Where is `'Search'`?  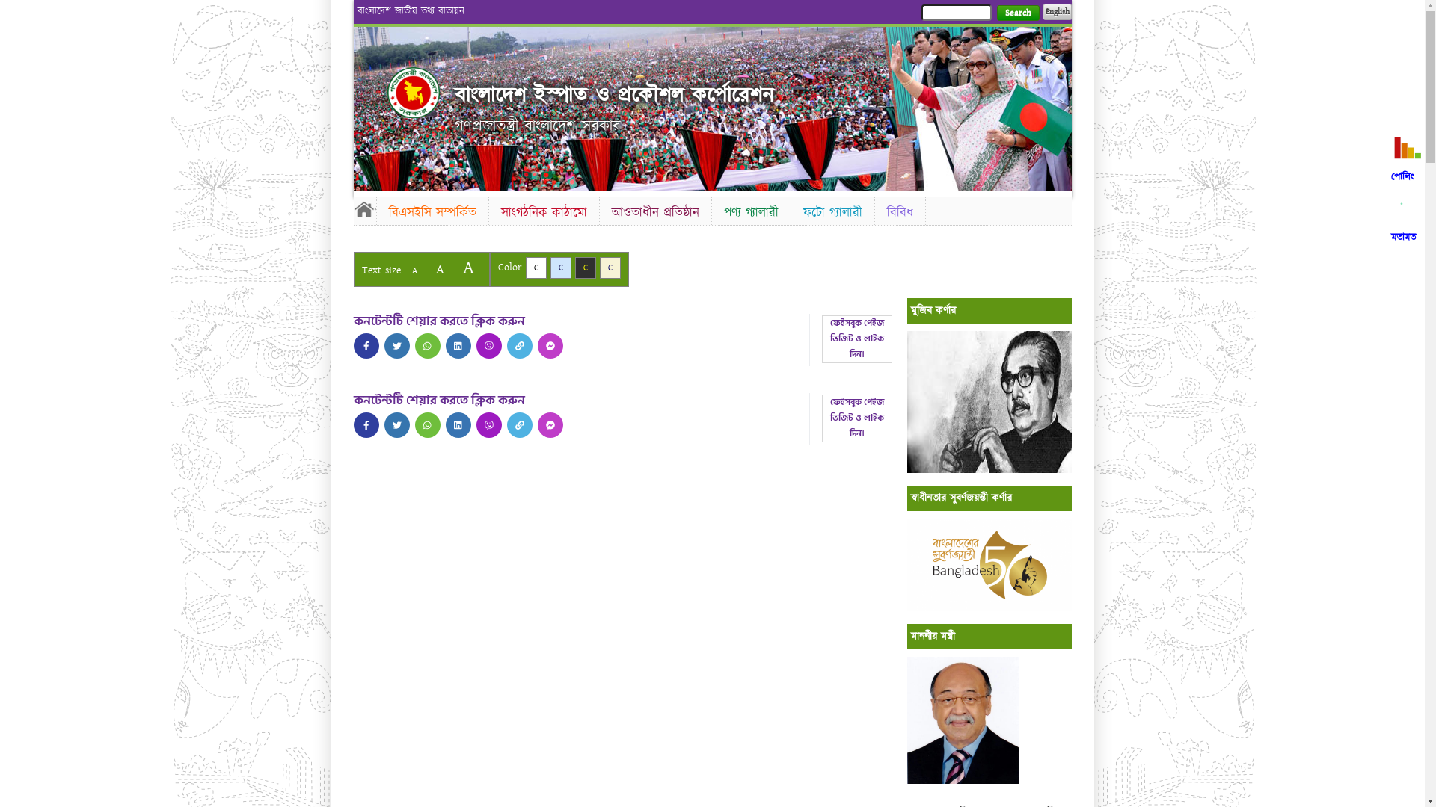
'Search' is located at coordinates (1017, 13).